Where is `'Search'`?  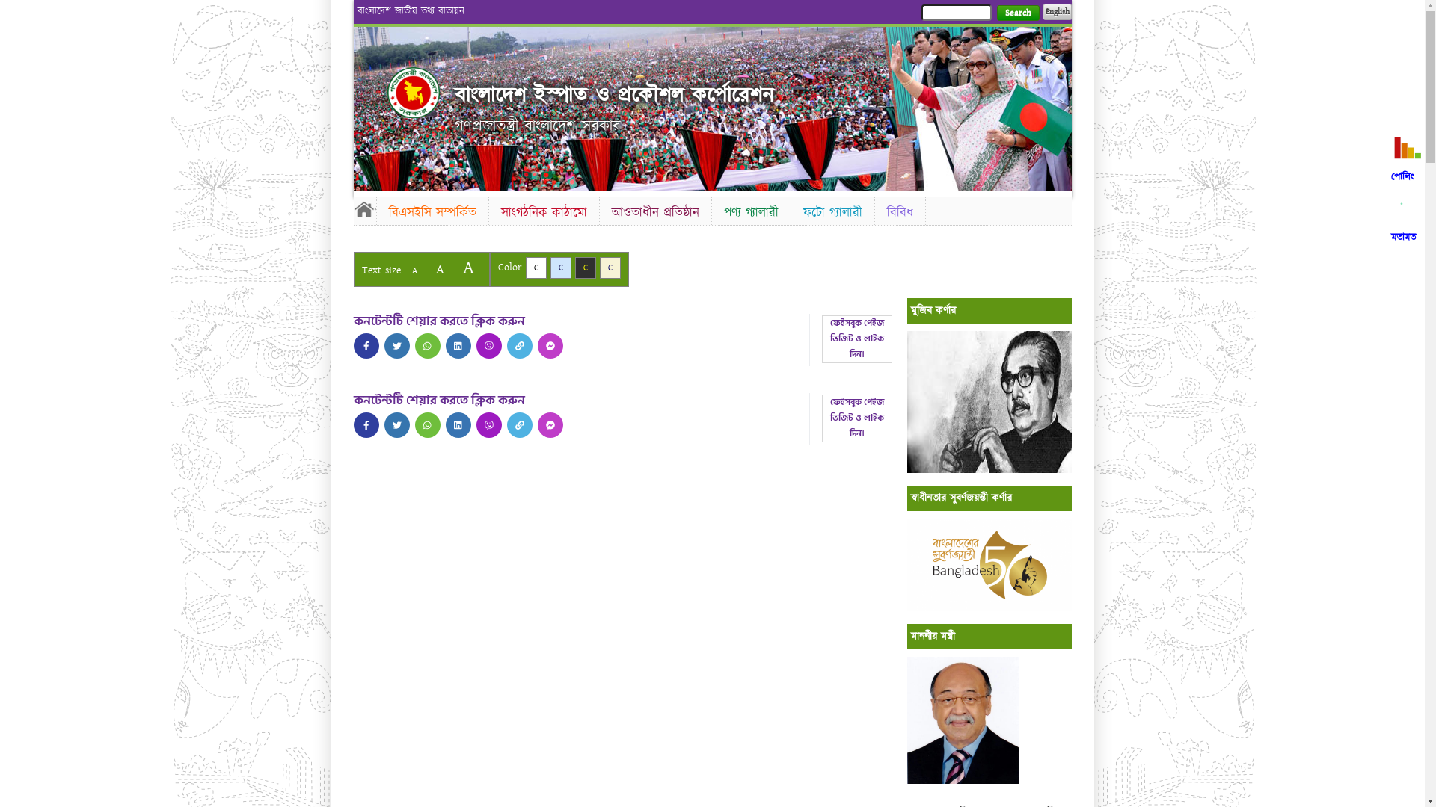
'Search' is located at coordinates (1017, 13).